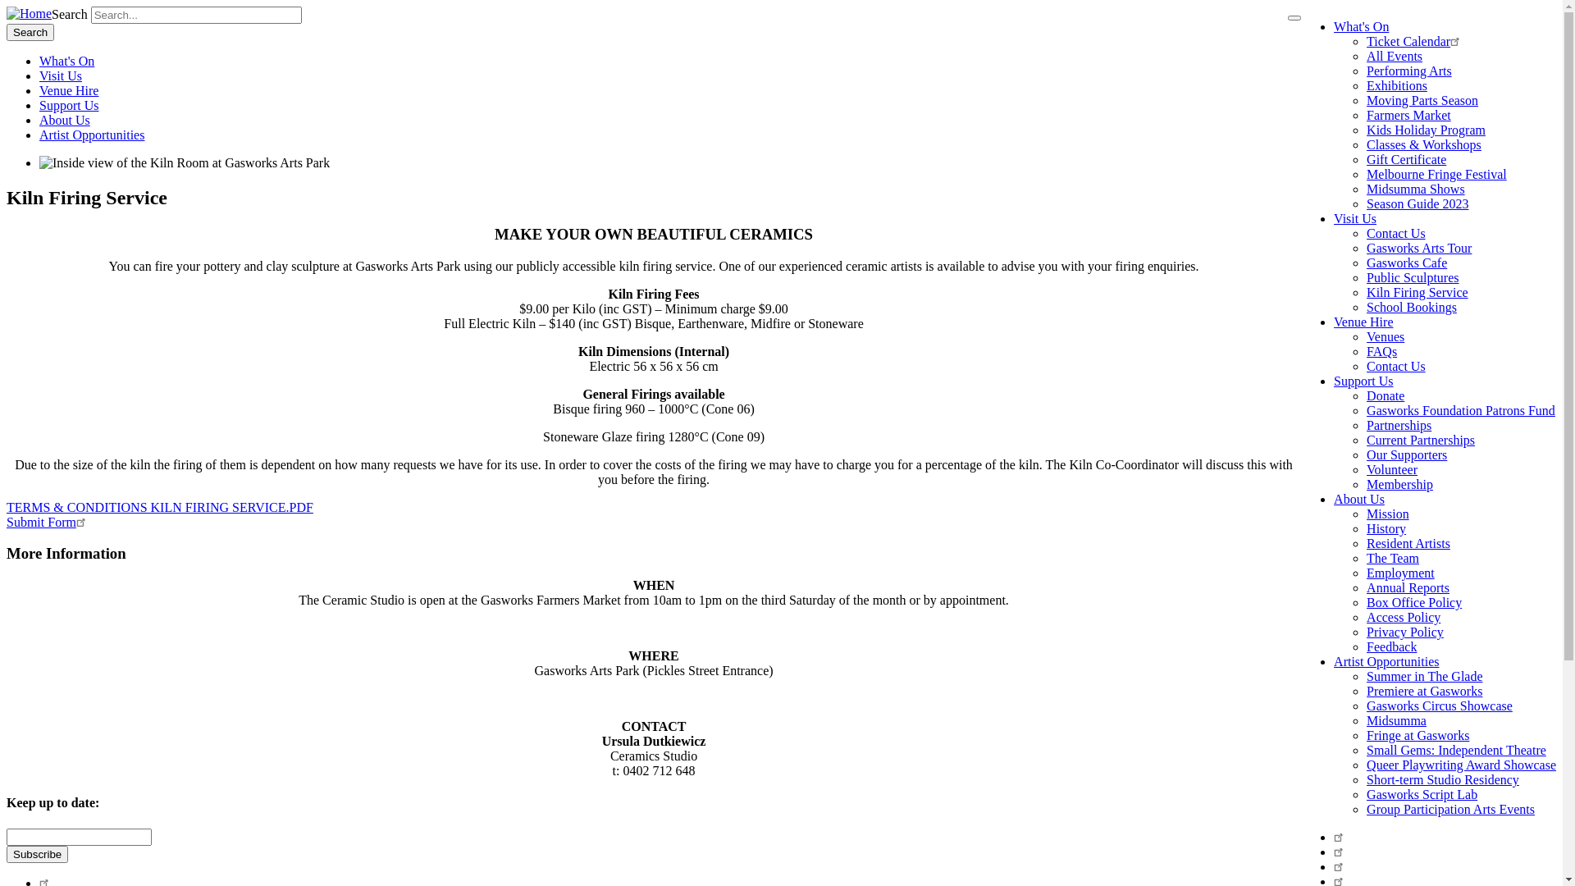 The width and height of the screenshot is (1575, 886). Describe the element at coordinates (30, 32) in the screenshot. I see `'Search'` at that location.